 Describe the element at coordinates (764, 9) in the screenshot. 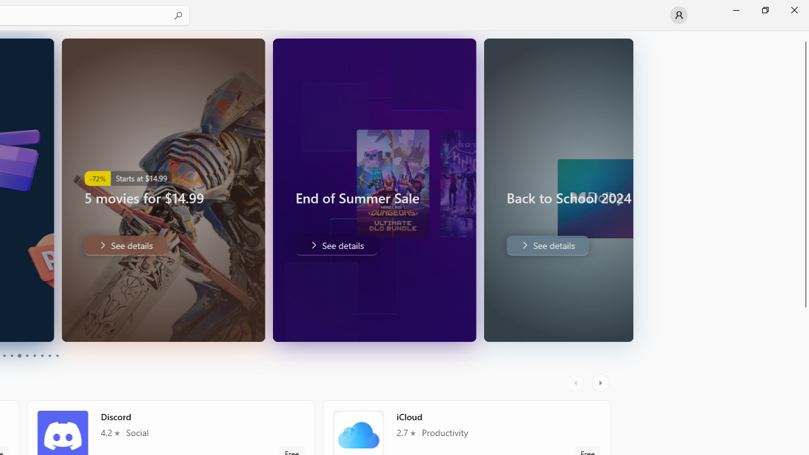

I see `'Restore Microsoft Store'` at that location.